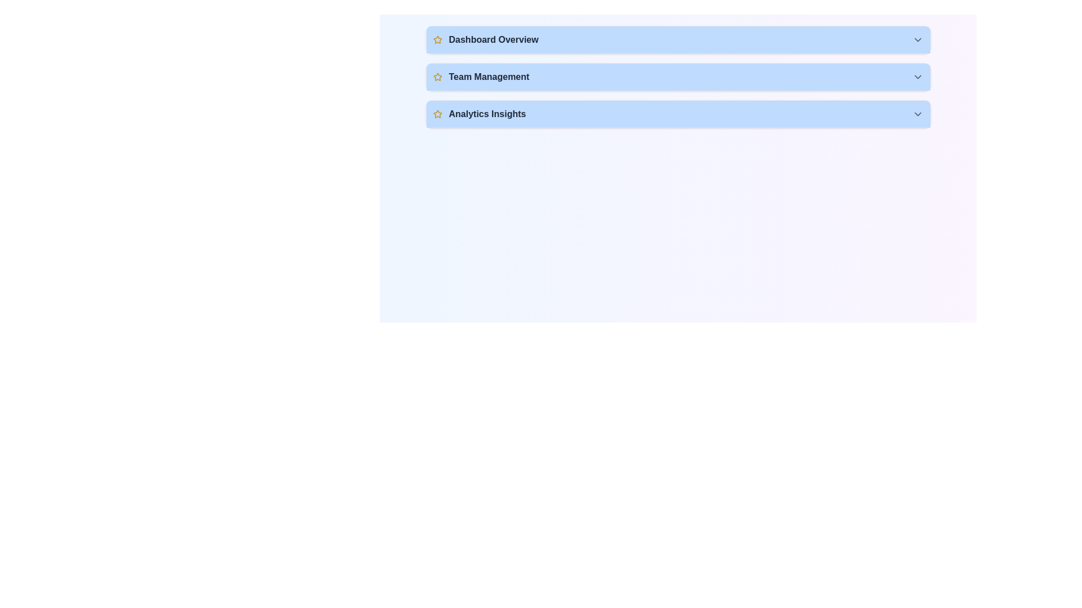 Image resolution: width=1082 pixels, height=608 pixels. I want to click on the Chevron Down icon located at the far-right side of the 'Analytics Insights' row to receive visual feedback, so click(917, 114).